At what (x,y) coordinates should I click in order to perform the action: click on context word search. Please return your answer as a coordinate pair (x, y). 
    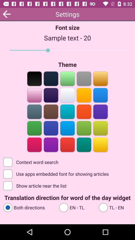
    Looking at the image, I should click on (31, 161).